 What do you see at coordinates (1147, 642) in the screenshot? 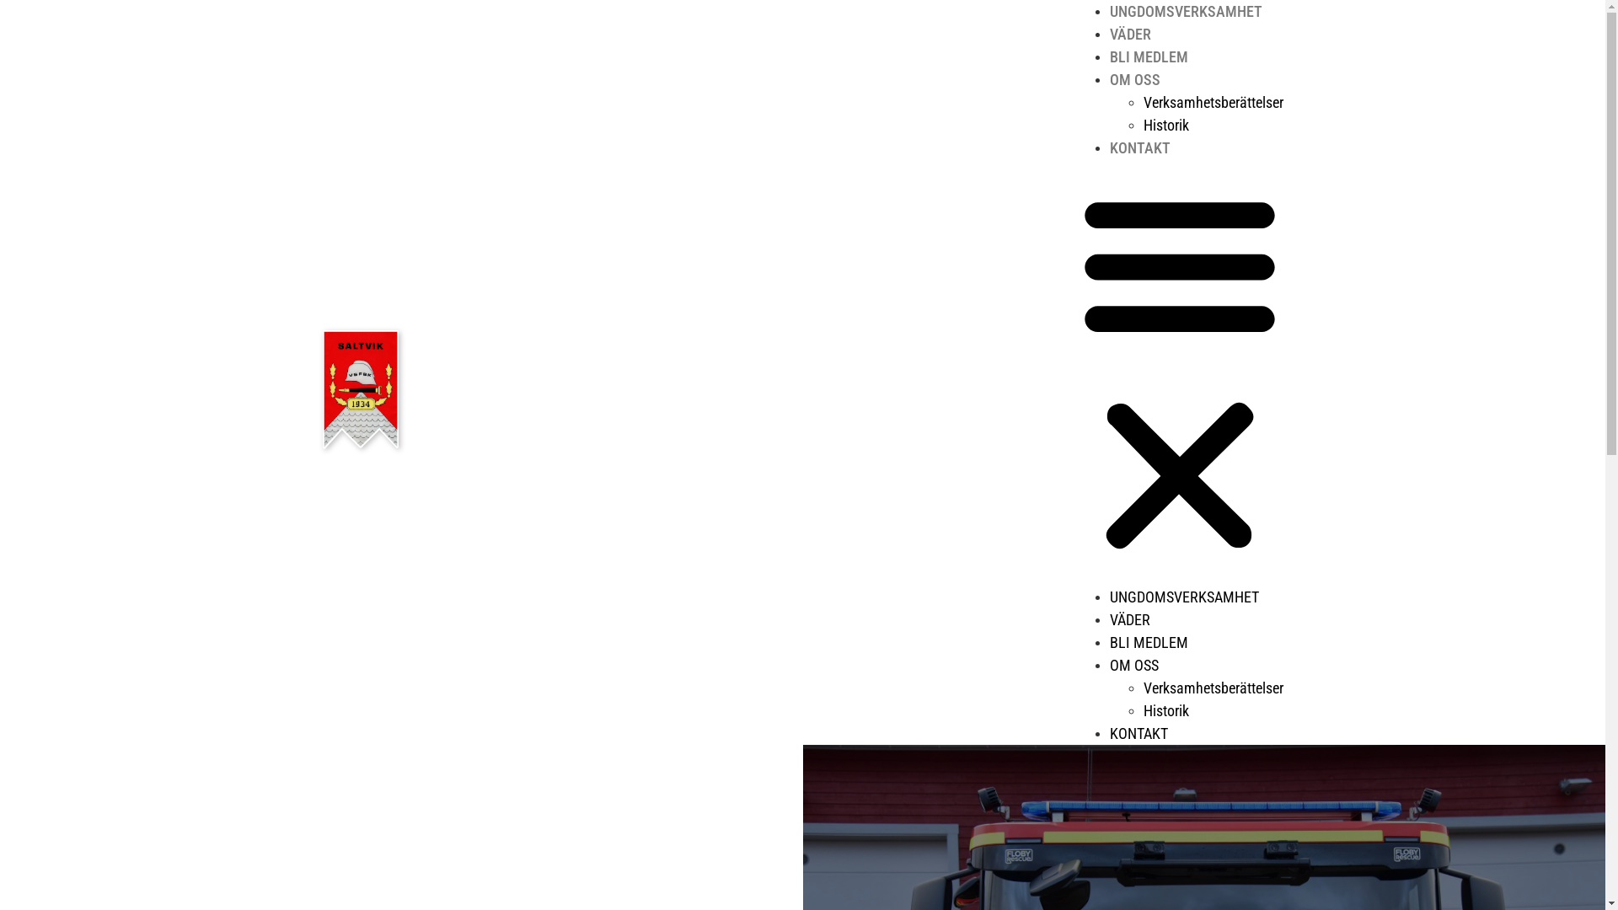
I see `'BLI MEDLEM'` at bounding box center [1147, 642].